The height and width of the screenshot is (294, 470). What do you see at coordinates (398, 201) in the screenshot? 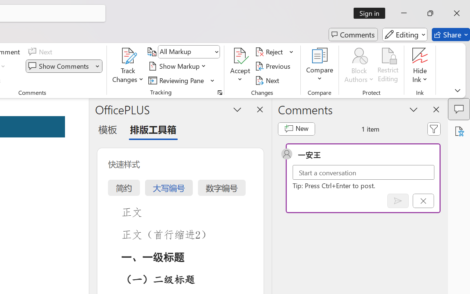
I see `'Post comment (Ctrl + Enter)'` at bounding box center [398, 201].